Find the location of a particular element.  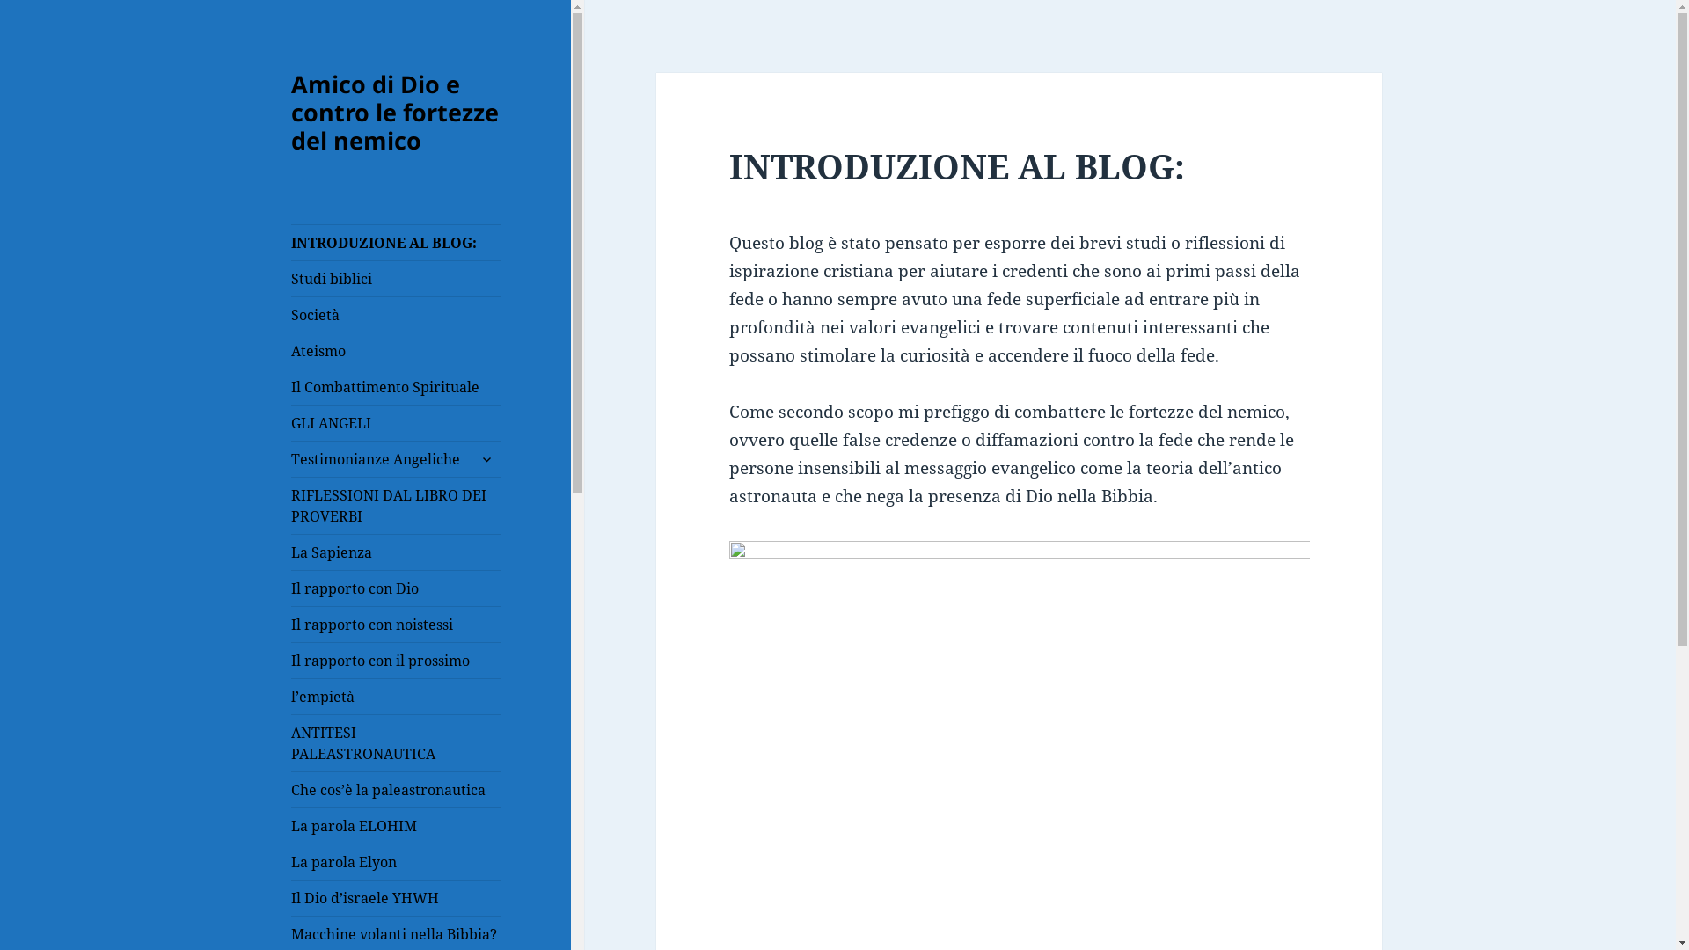

'Il rapporto con il prossimo' is located at coordinates (291, 661).